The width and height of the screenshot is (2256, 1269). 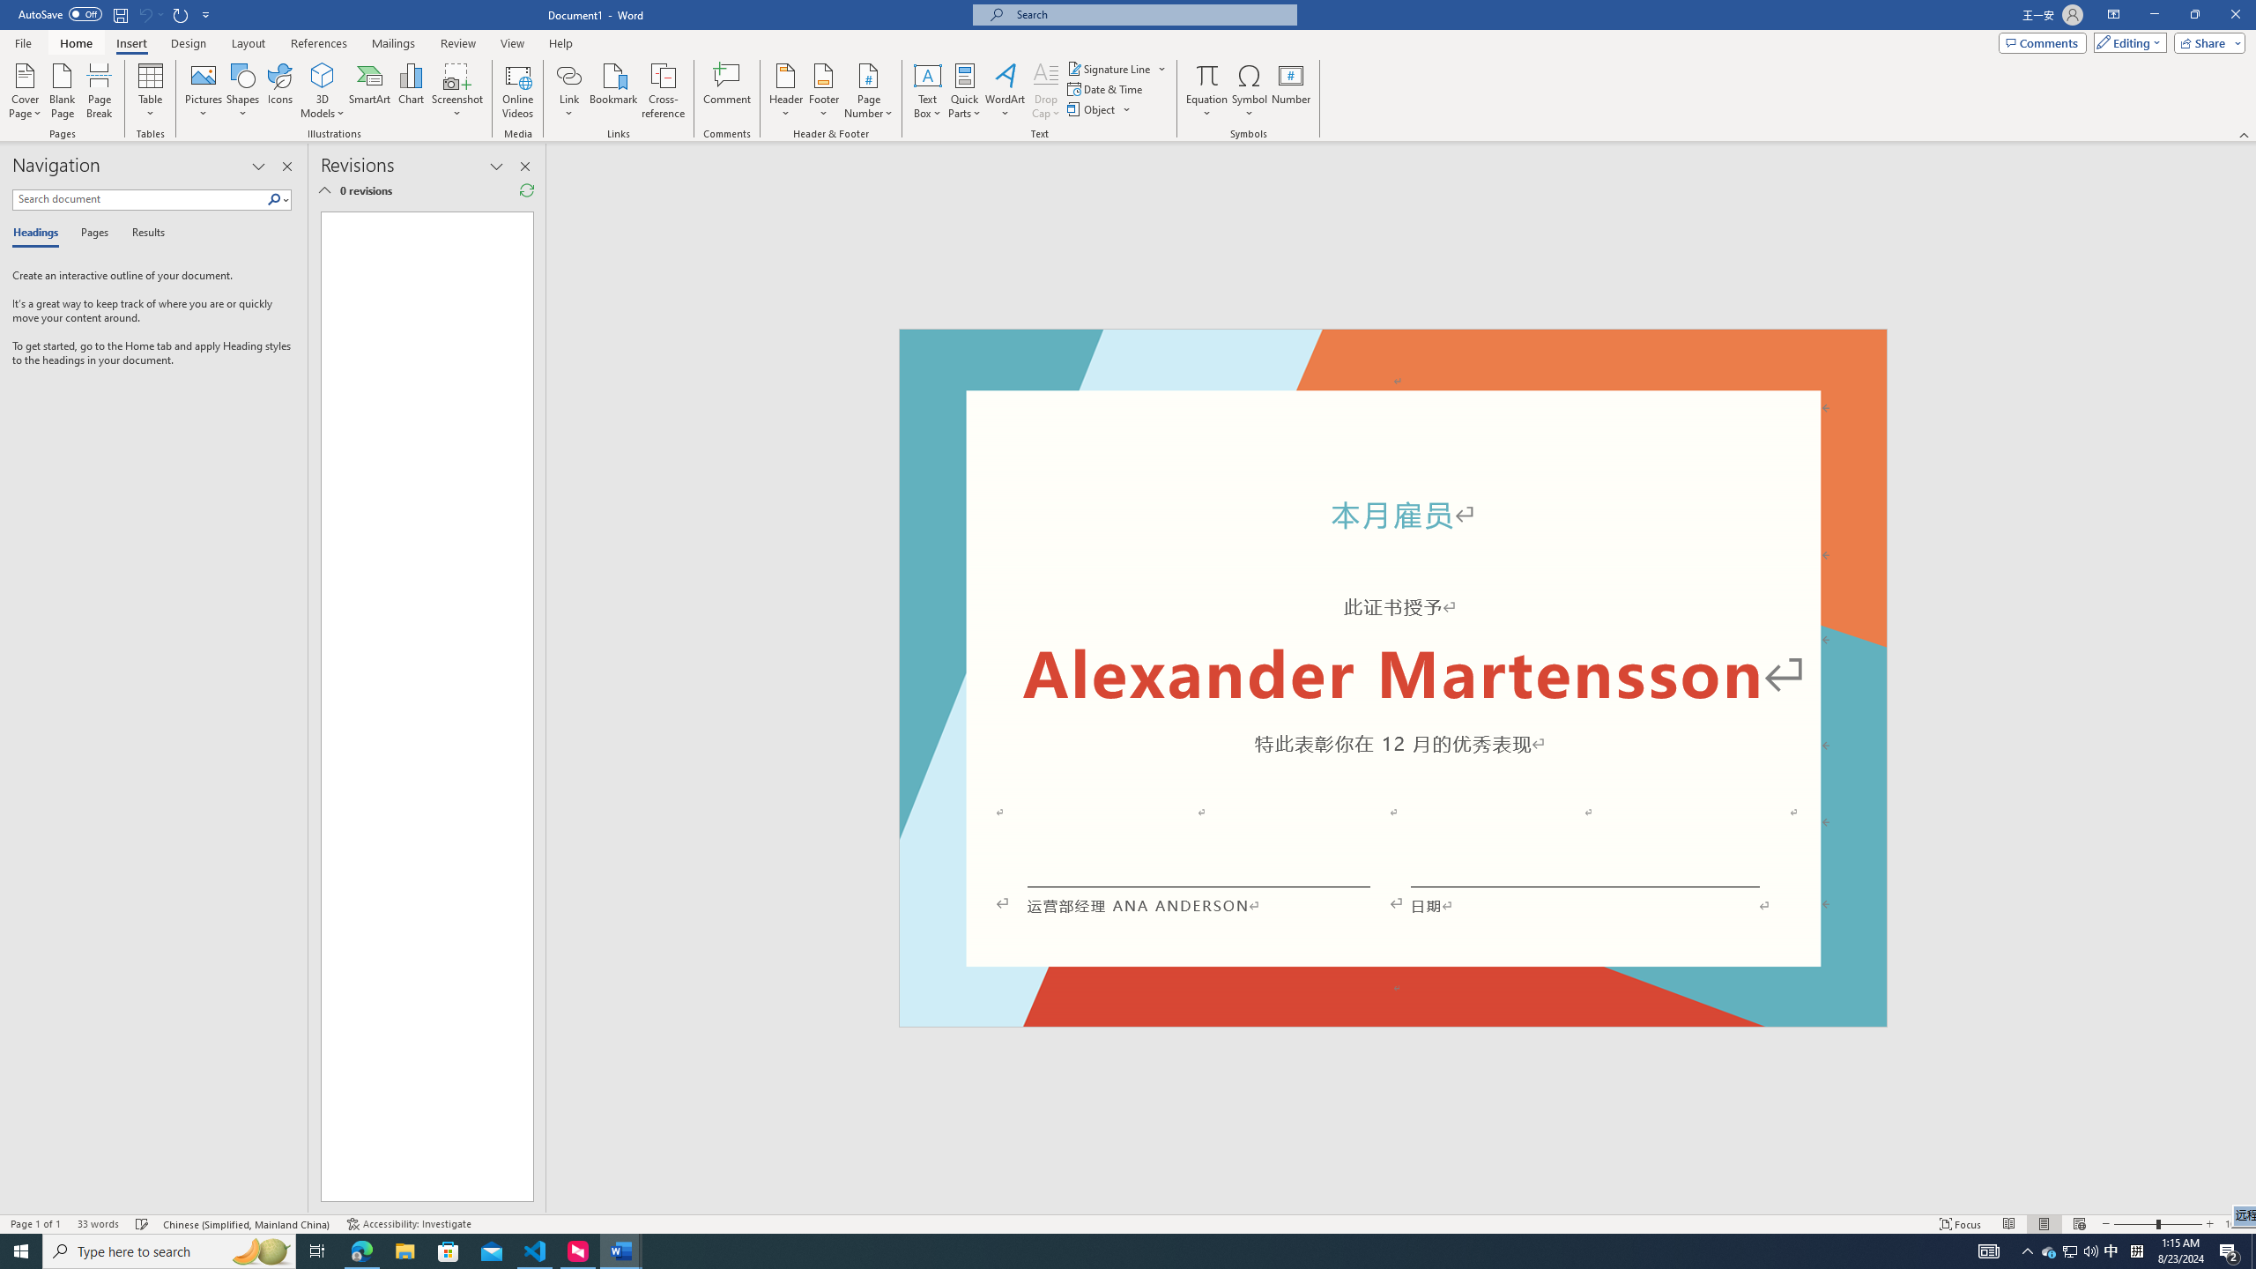 I want to click on '3D Models', so click(x=323, y=74).